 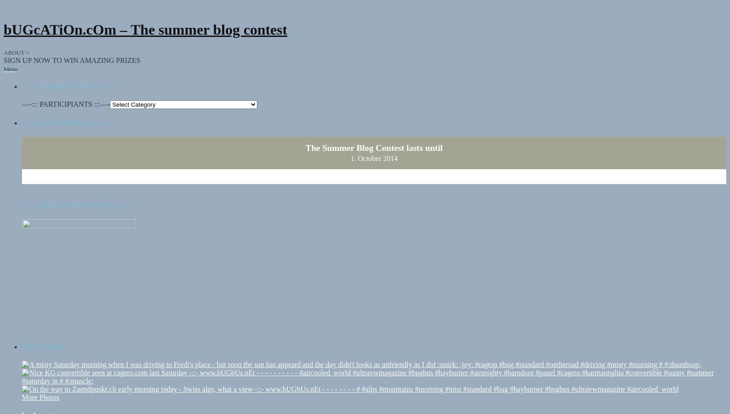 What do you see at coordinates (71, 51) in the screenshot?
I see `'SIGN UP NOW TO WIN AMAZING PRIZES'` at bounding box center [71, 51].